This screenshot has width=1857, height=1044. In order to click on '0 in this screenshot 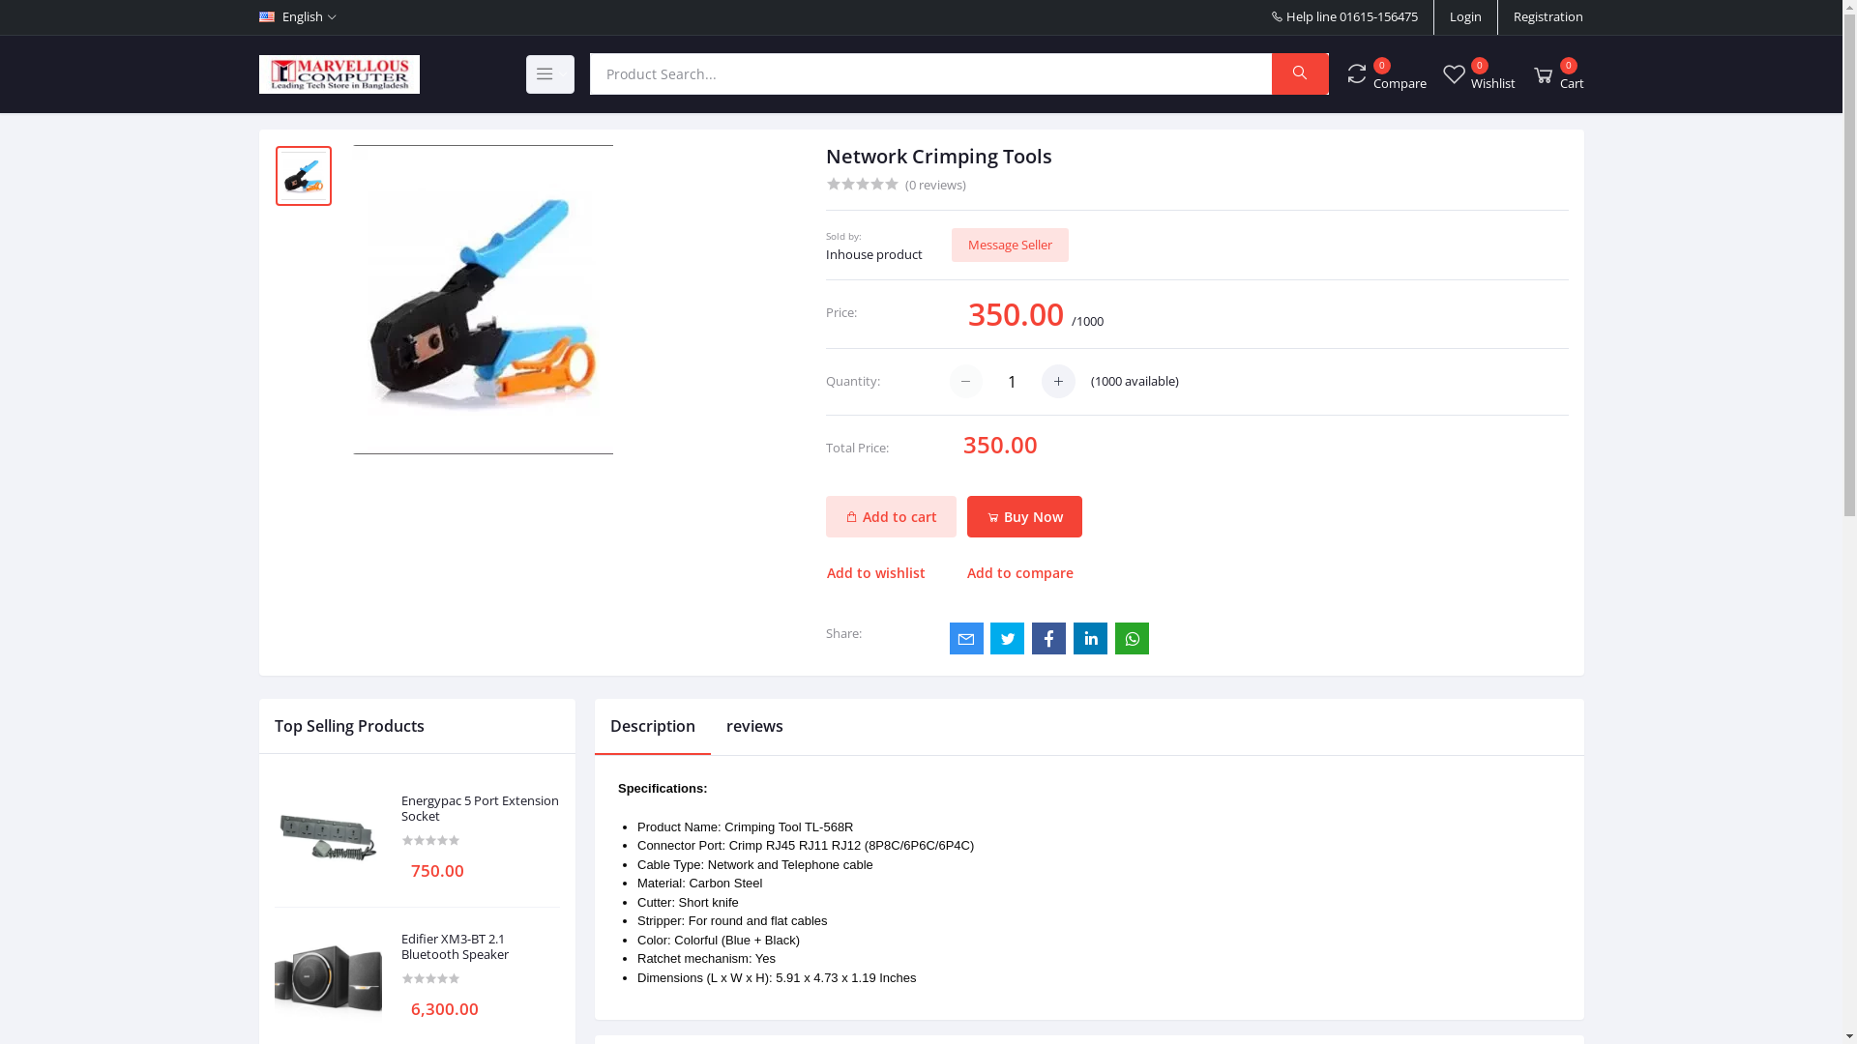, I will do `click(1556, 72)`.